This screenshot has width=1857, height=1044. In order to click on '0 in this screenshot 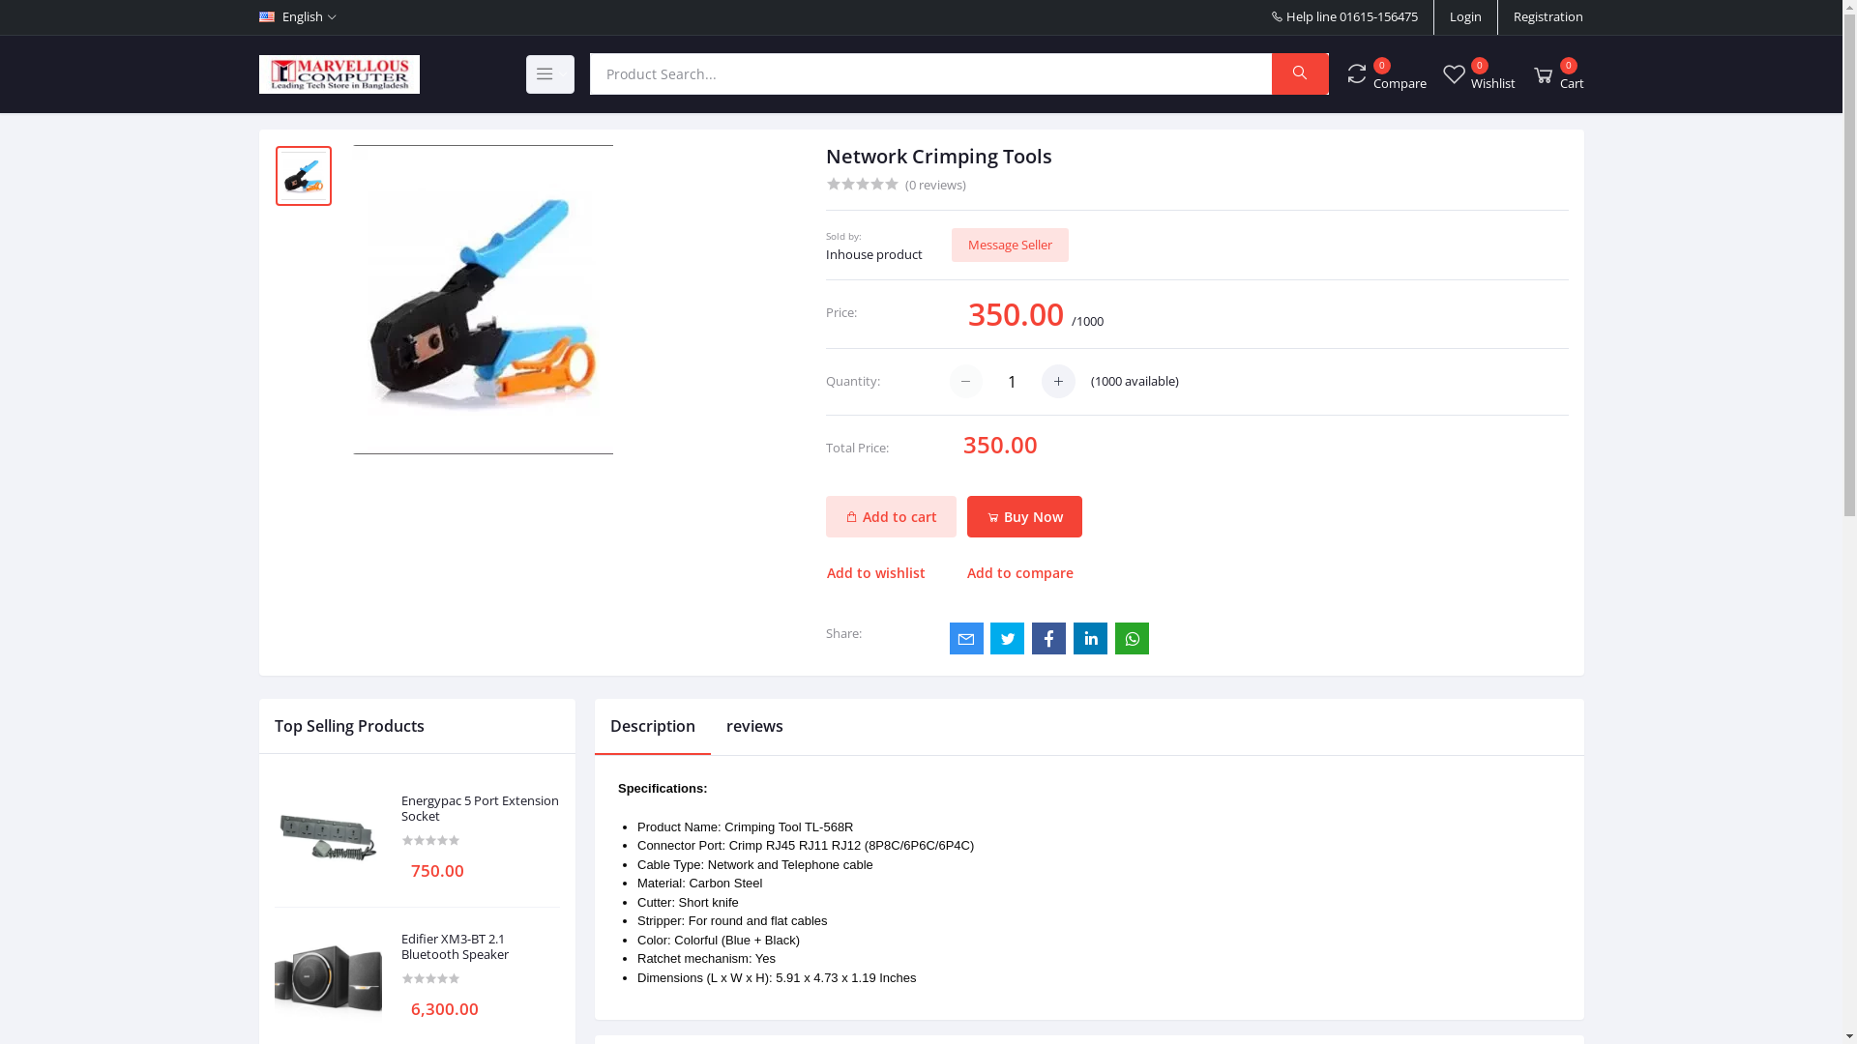, I will do `click(1556, 72)`.